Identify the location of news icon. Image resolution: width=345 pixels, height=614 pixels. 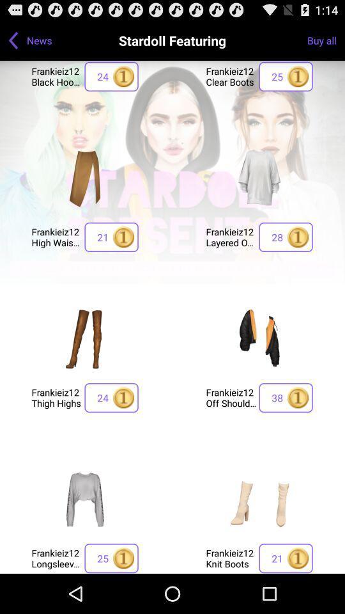
(39, 40).